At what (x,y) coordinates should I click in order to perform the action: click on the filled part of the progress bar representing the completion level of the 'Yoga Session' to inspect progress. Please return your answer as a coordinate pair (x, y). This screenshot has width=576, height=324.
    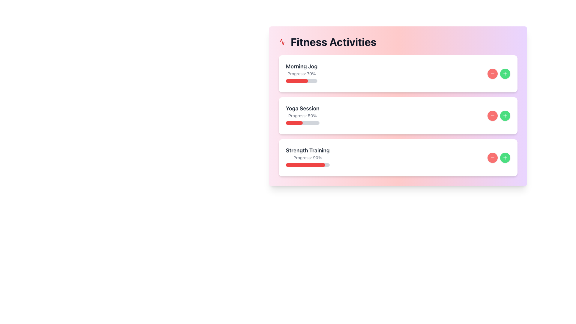
    Looking at the image, I should click on (302, 122).